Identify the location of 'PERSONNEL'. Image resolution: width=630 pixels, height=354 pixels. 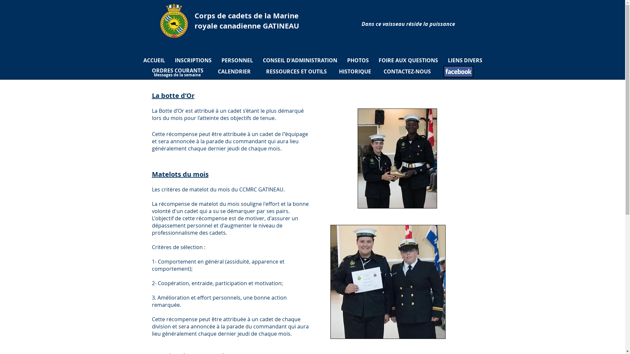
(217, 60).